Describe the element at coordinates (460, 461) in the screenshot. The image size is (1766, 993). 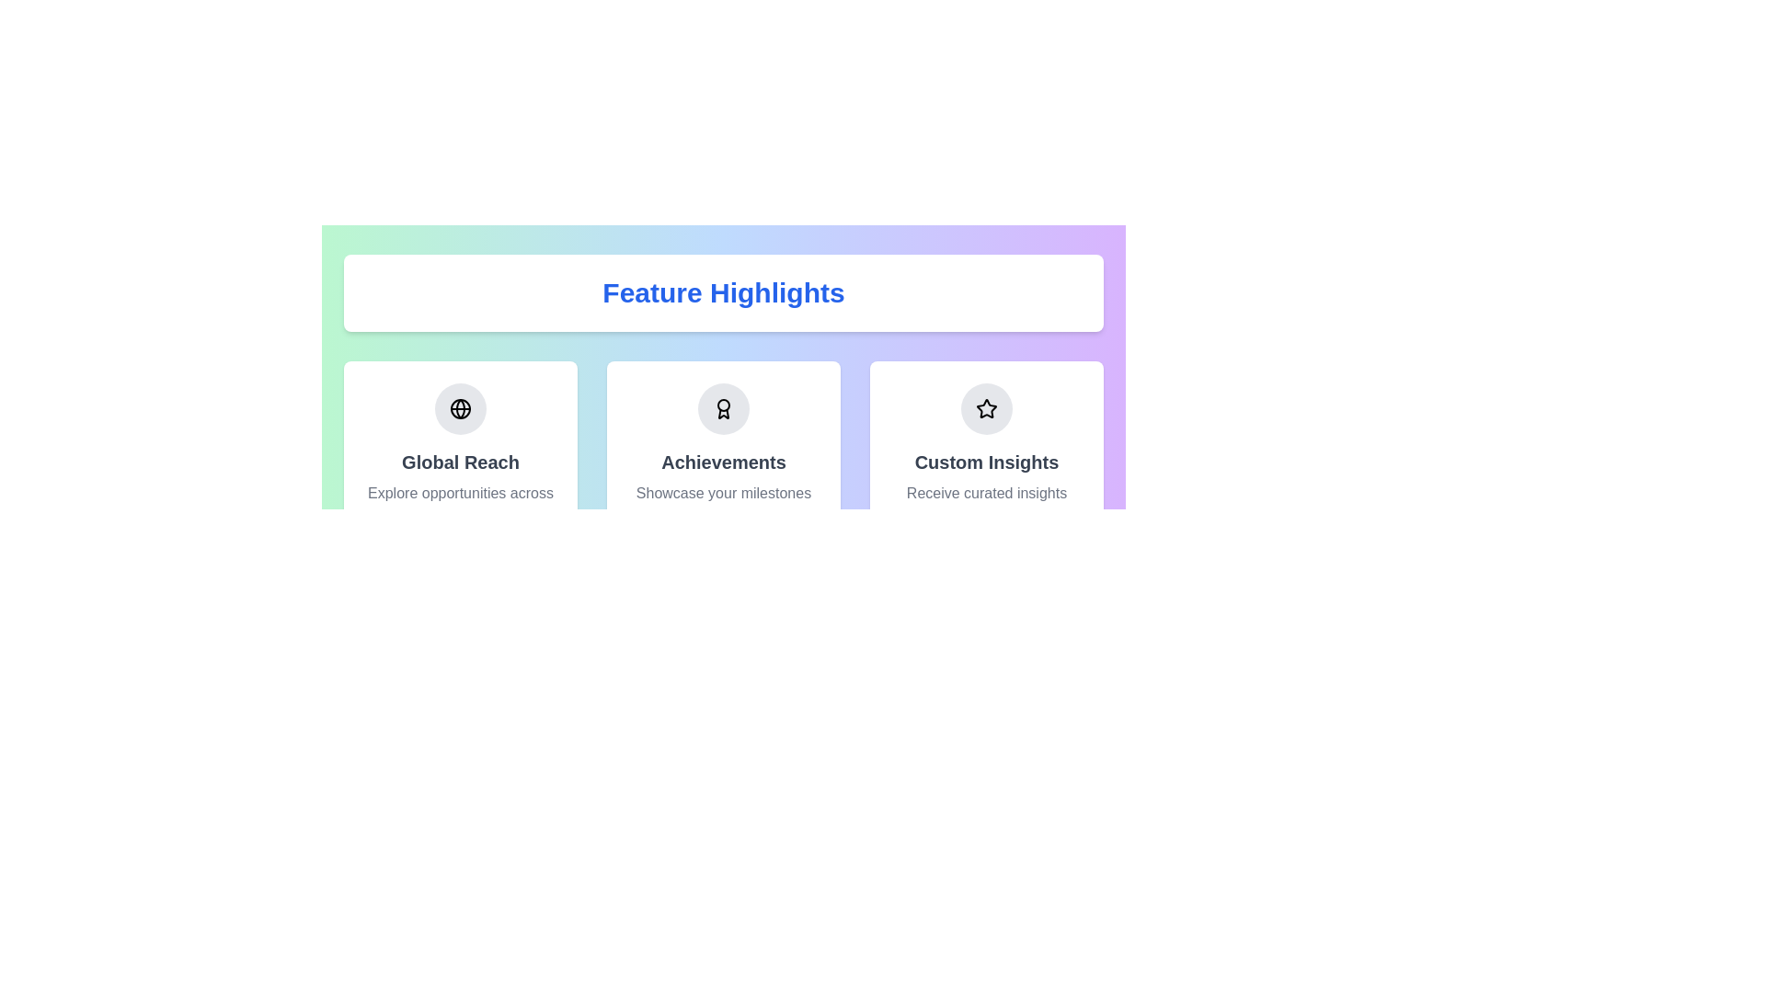
I see `the text label displaying 'Global Reach', which is styled in bold and larger font, located centrally in its card under the 'Feature Highlights' section` at that location.